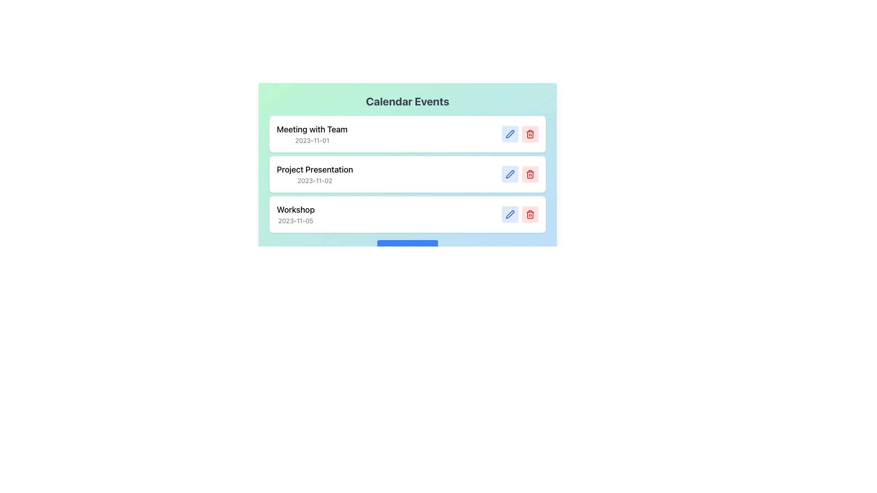 The height and width of the screenshot is (493, 877). What do you see at coordinates (296, 220) in the screenshot?
I see `date displayed in the text label under the 'Workshop' event in the calendar` at bounding box center [296, 220].